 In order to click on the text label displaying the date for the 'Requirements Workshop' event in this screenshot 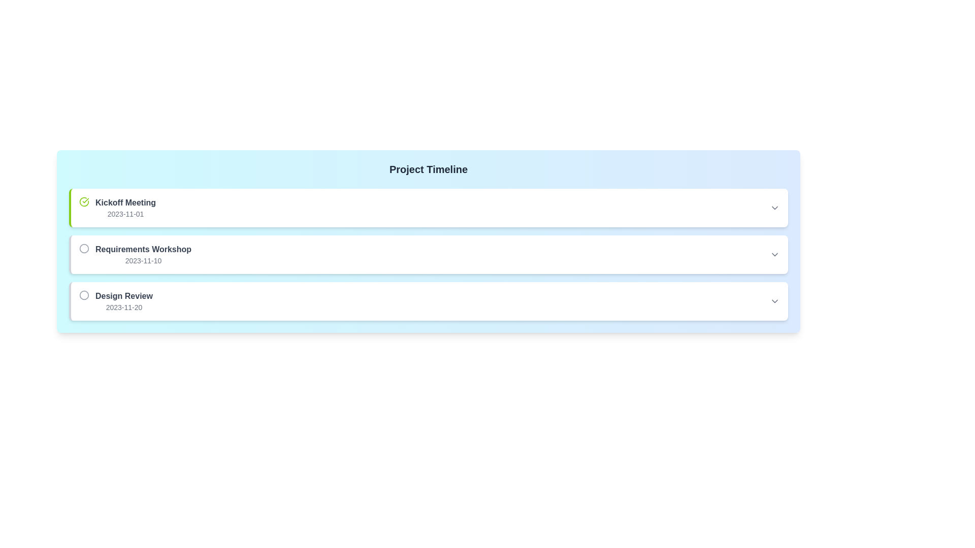, I will do `click(143, 260)`.